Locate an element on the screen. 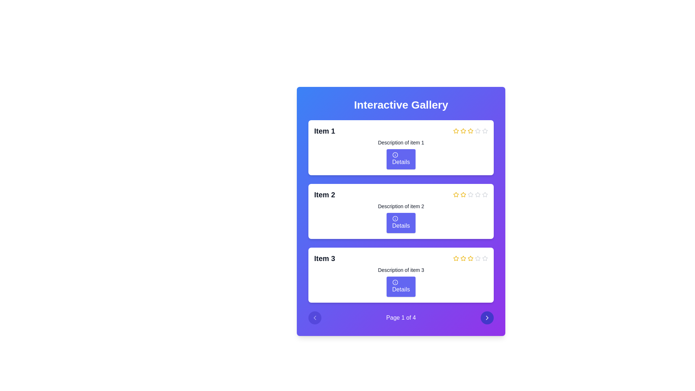 The image size is (695, 391). the second star in the rating row of the interactive gallery to set the rating to two stars is located at coordinates (455, 194).